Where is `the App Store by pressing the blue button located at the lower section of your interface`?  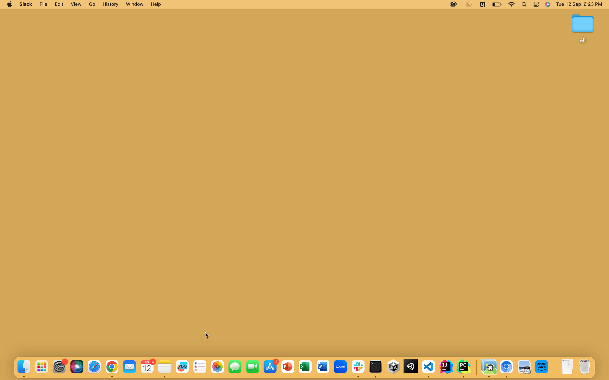 the App Store by pressing the blue button located at the lower section of your interface is located at coordinates (270, 367).